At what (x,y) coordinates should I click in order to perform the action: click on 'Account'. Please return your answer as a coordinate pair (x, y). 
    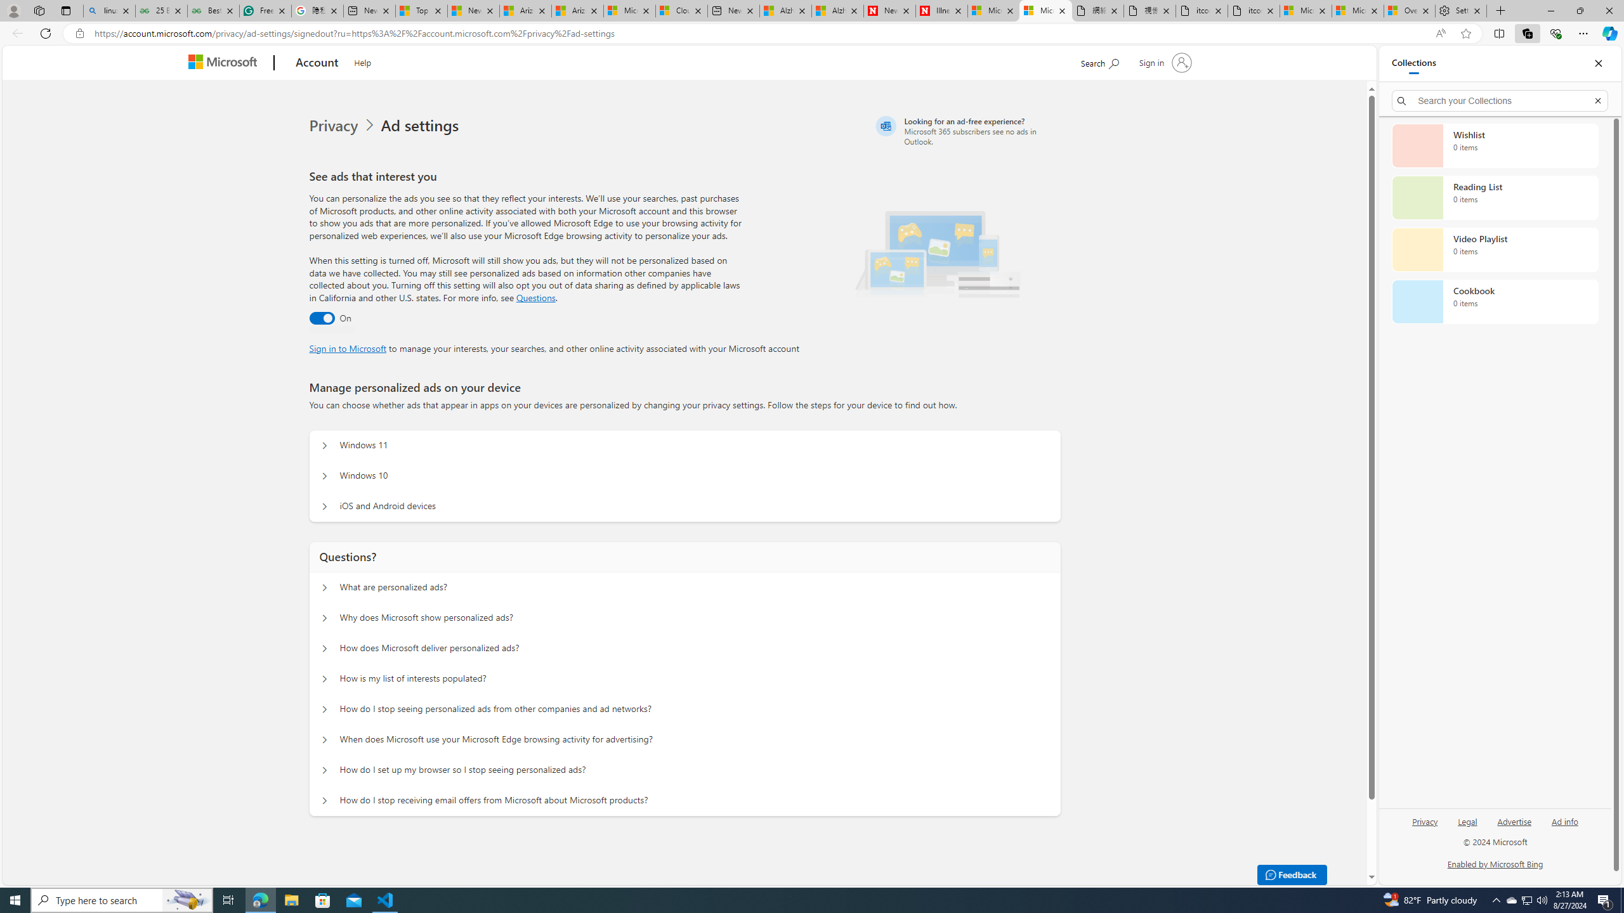
    Looking at the image, I should click on (316, 63).